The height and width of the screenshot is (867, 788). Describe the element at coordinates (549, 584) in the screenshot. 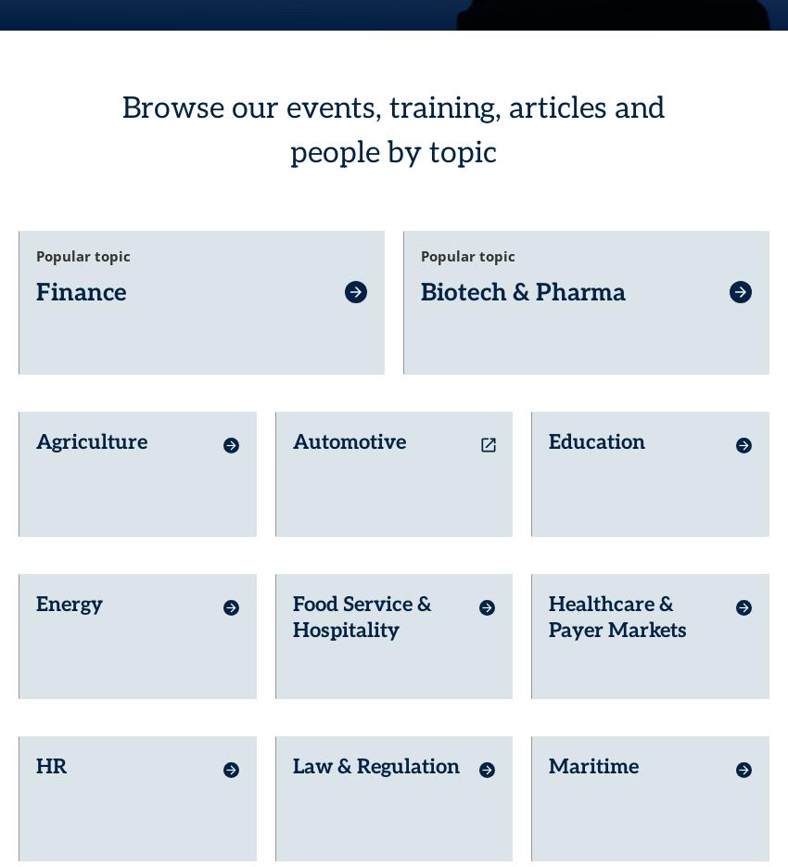

I see `'Healthcare & Payer Markets'` at that location.